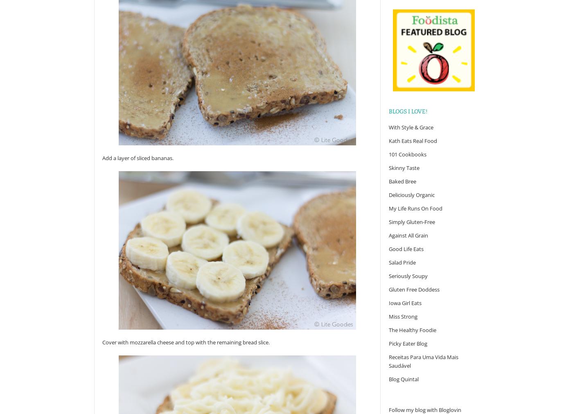 The height and width of the screenshot is (414, 573). Describe the element at coordinates (411, 194) in the screenshot. I see `'Deliciously Organic'` at that location.